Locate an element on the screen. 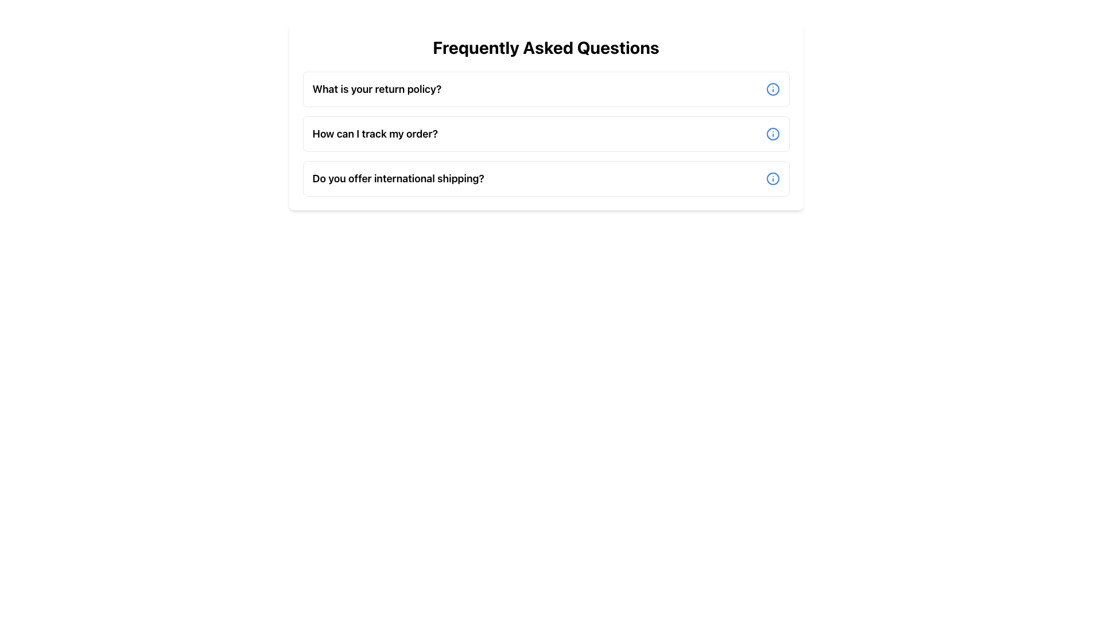  the second list item in the 'Frequently Asked Questions' section that provides information related is located at coordinates (545, 134).